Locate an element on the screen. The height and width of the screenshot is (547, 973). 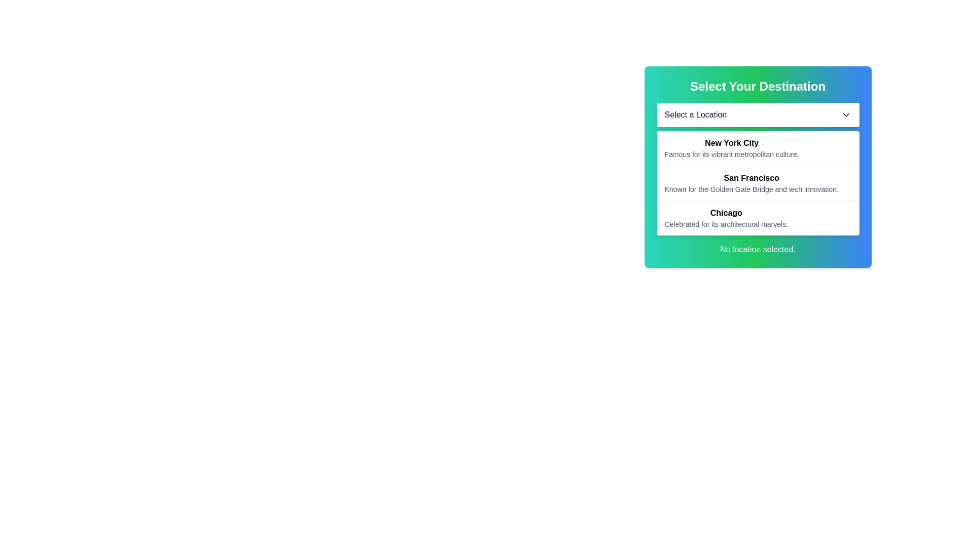
the selectable list item displaying 'San Francisco' is located at coordinates (758, 167).